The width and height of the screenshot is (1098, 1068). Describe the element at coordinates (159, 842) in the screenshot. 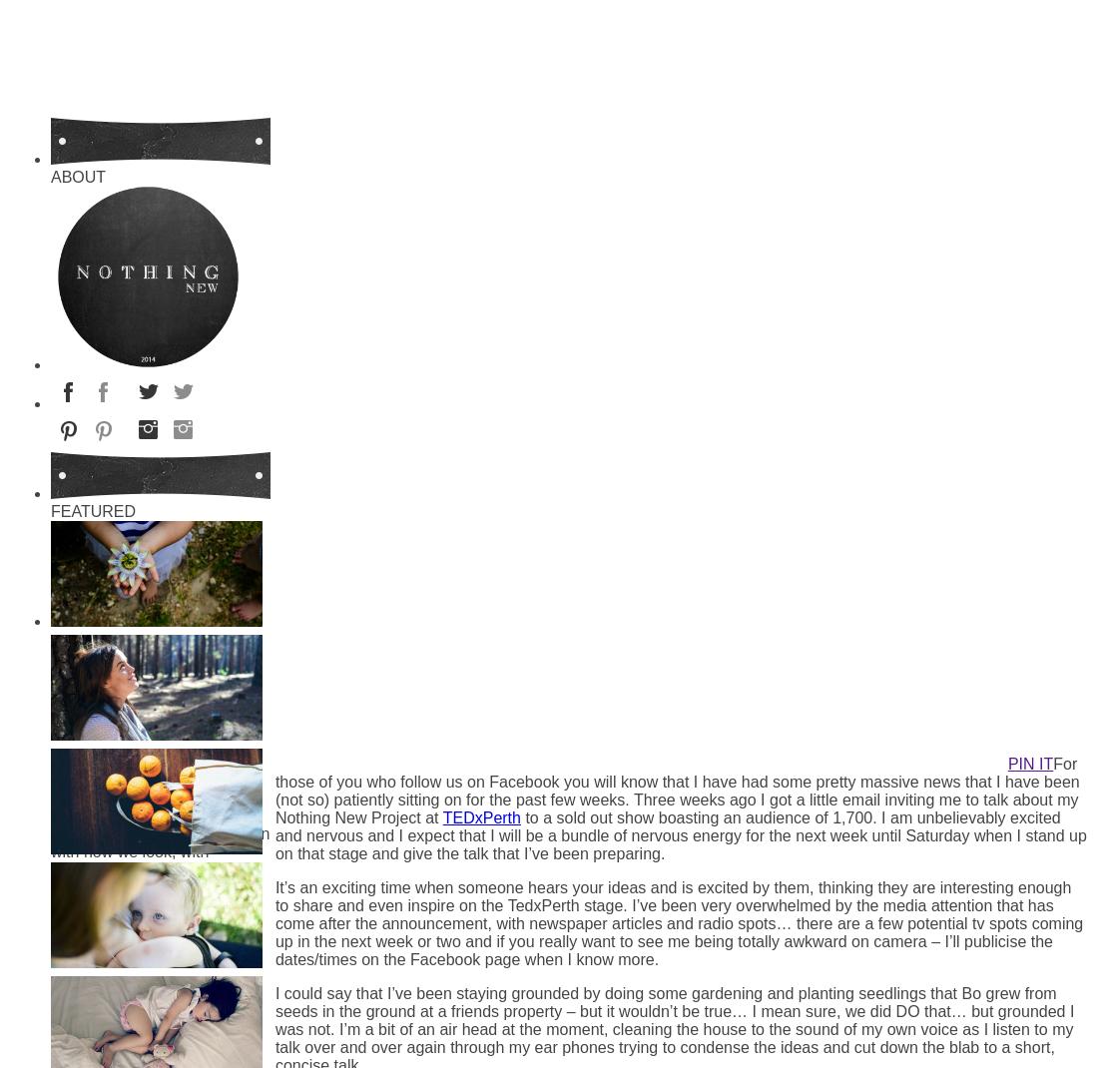

I see `'We concern ourselves so often with how we look, with'` at that location.